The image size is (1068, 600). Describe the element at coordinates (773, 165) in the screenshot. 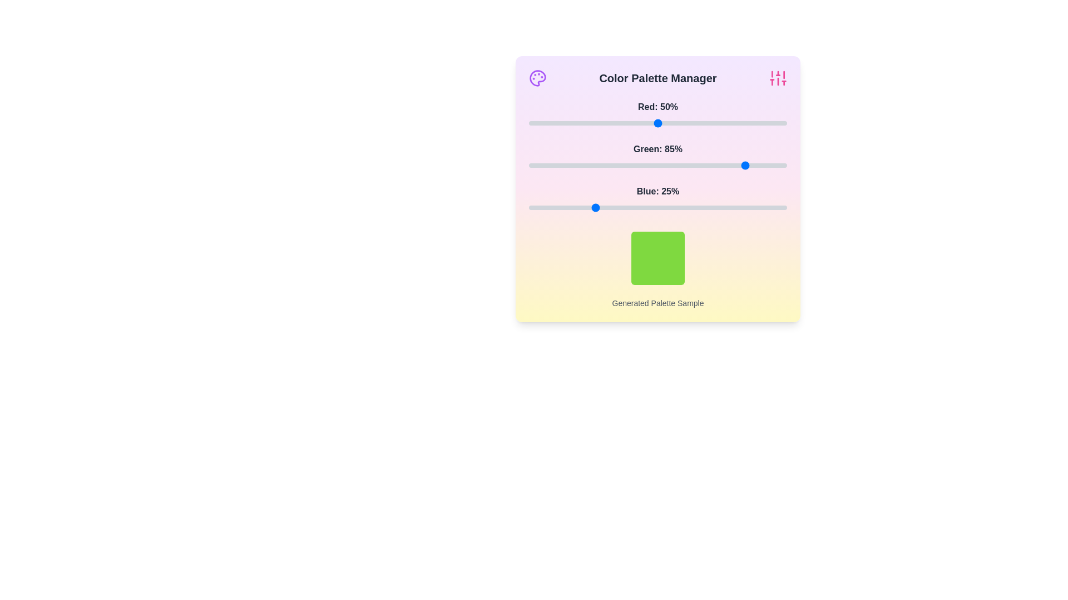

I see `the 1 slider to 95% to observe the updated color sample box` at that location.